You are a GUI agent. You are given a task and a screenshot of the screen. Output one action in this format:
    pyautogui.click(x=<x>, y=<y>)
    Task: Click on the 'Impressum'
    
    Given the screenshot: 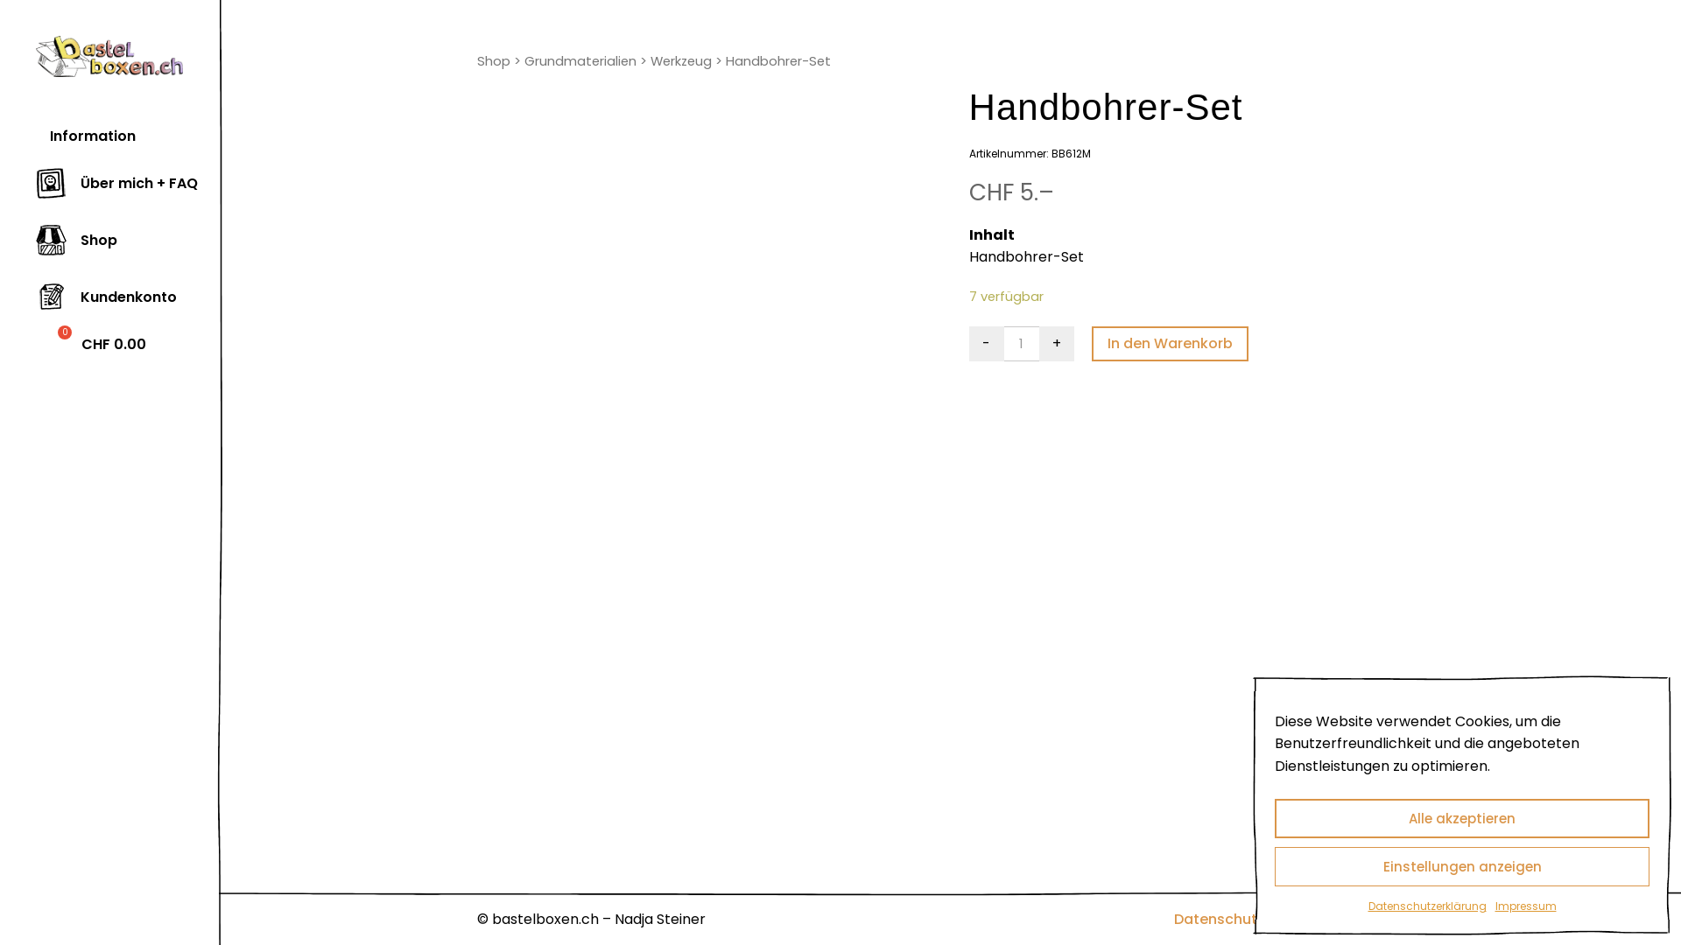 What is the action you would take?
    pyautogui.click(x=1382, y=918)
    